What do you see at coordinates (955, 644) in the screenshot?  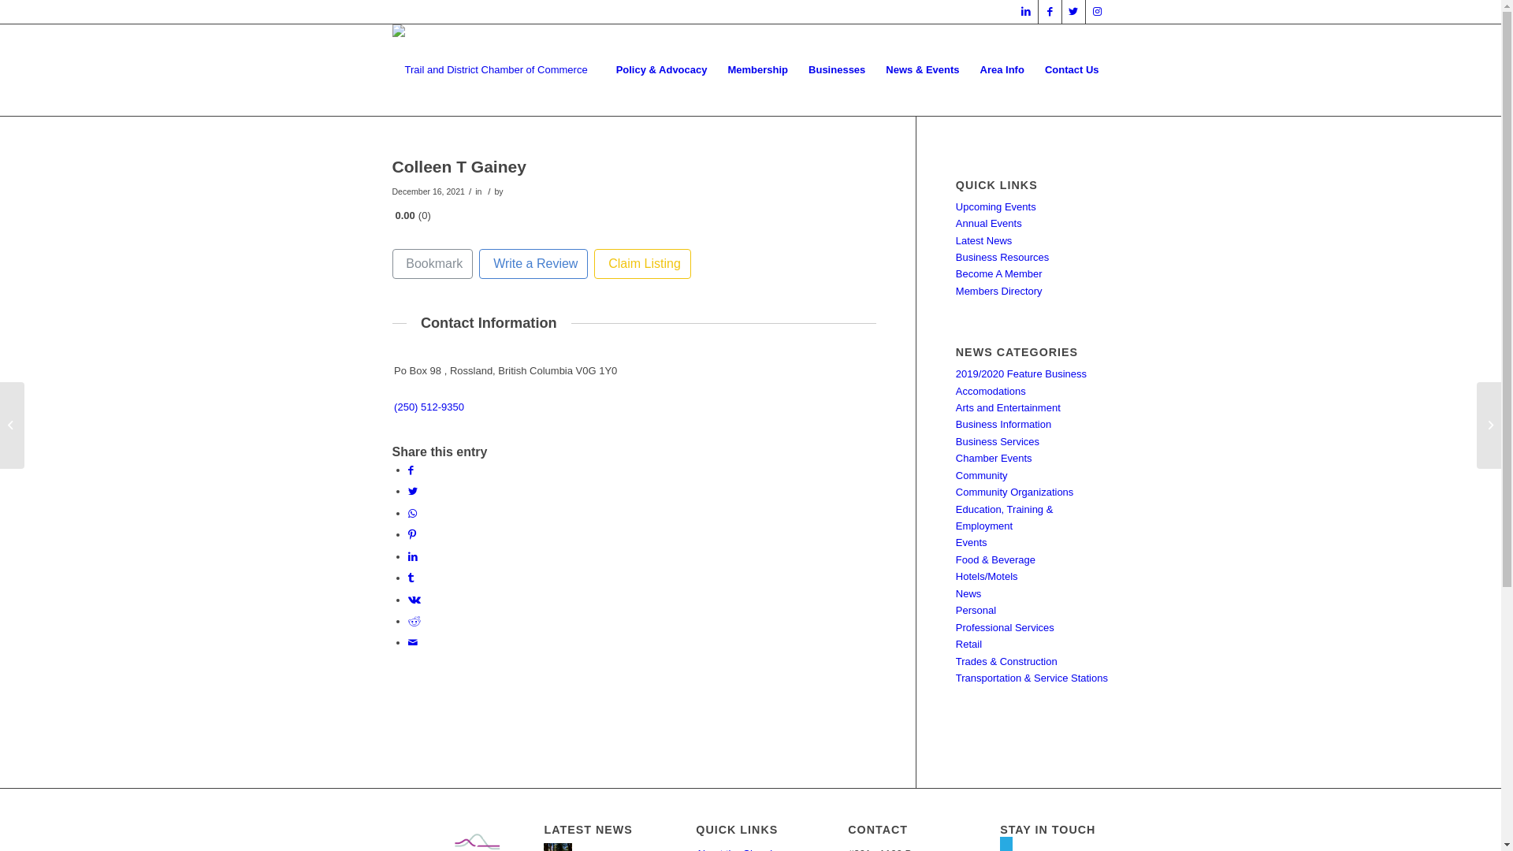 I see `'Retail'` at bounding box center [955, 644].